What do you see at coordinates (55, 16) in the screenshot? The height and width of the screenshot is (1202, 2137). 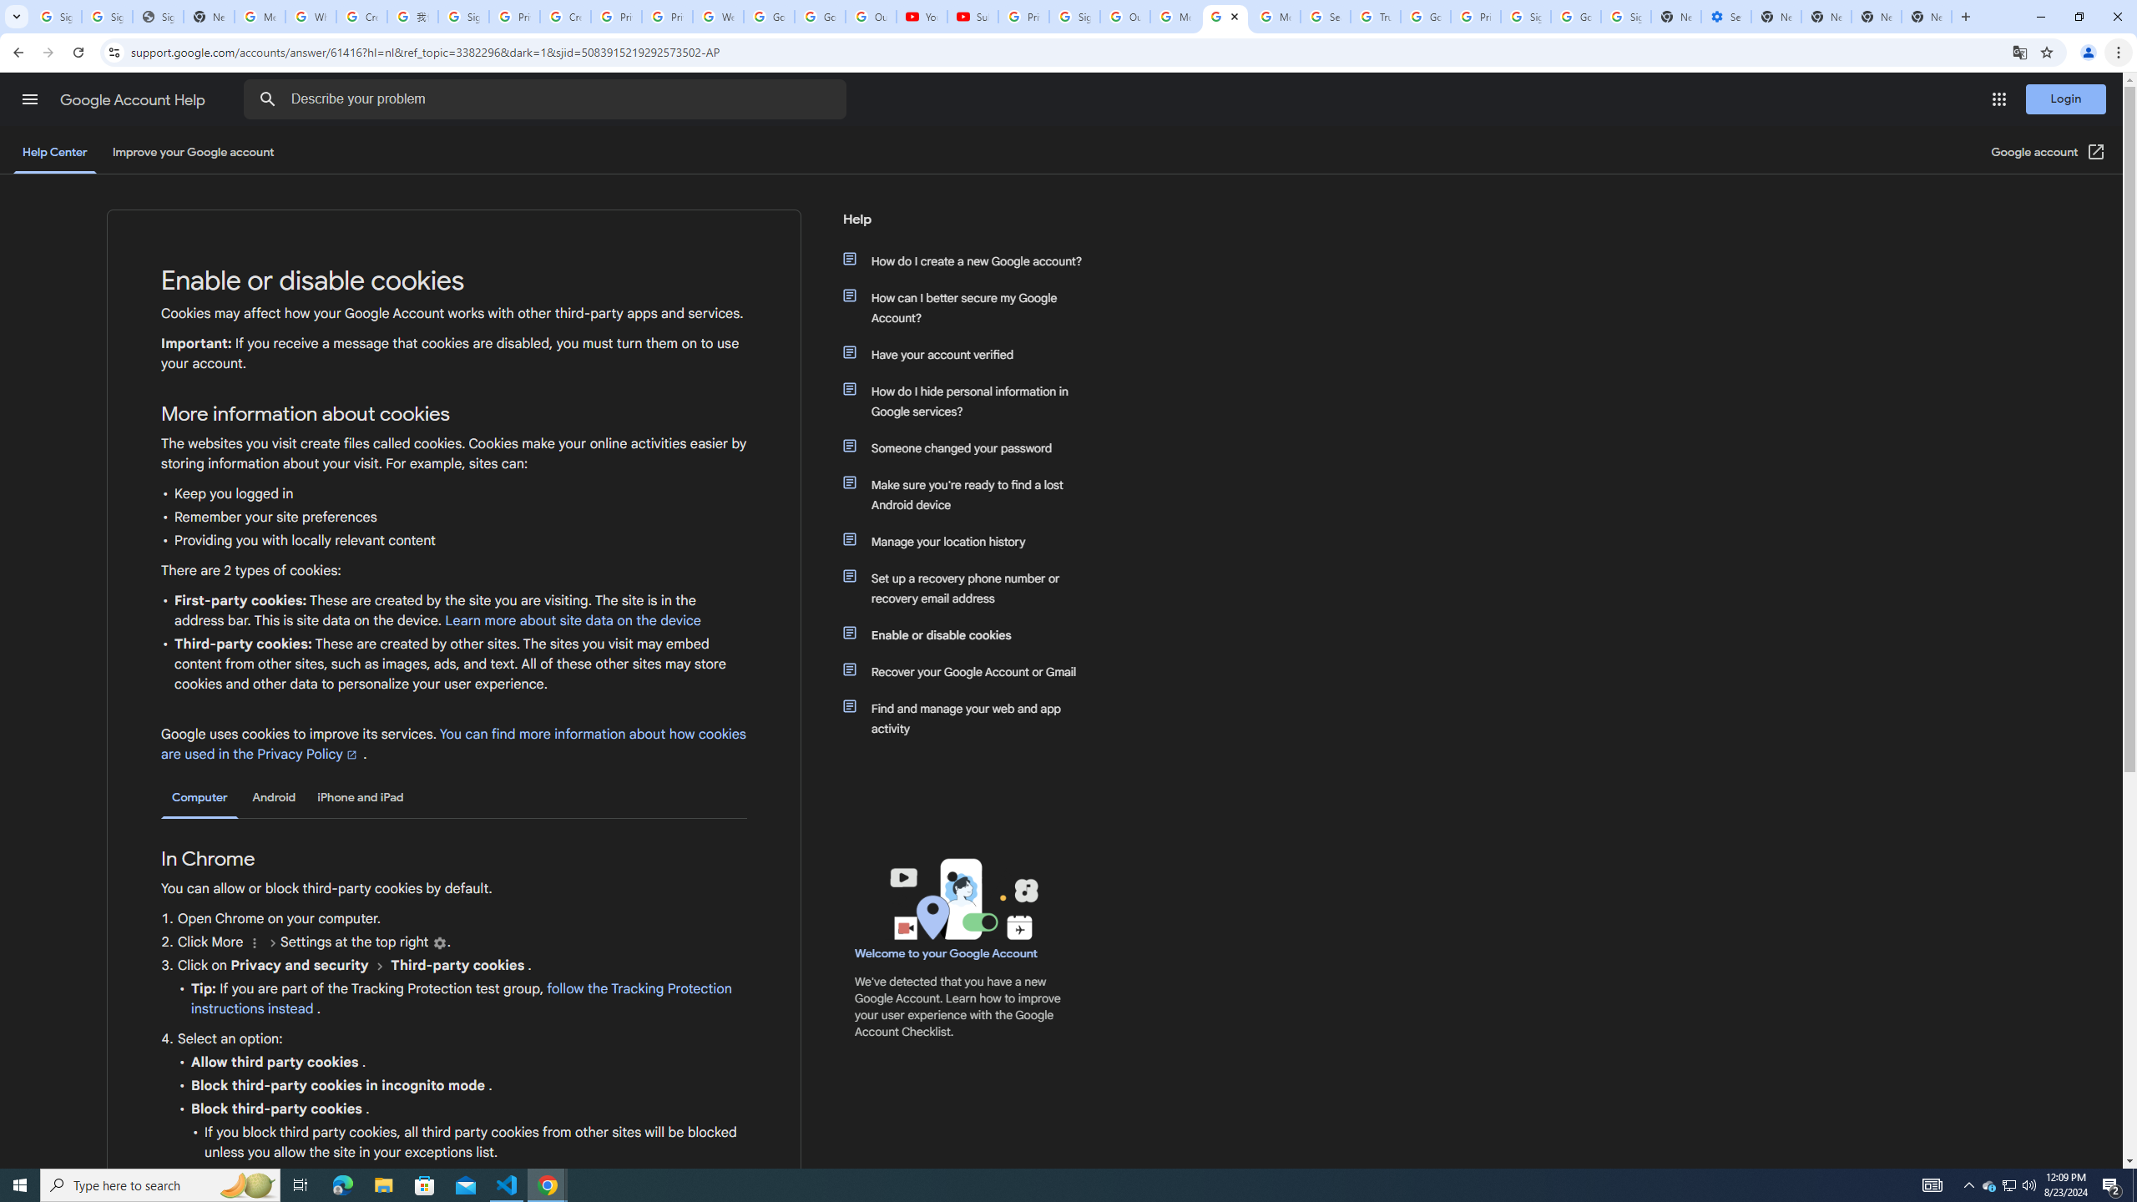 I see `'Sign in - Google Accounts'` at bounding box center [55, 16].